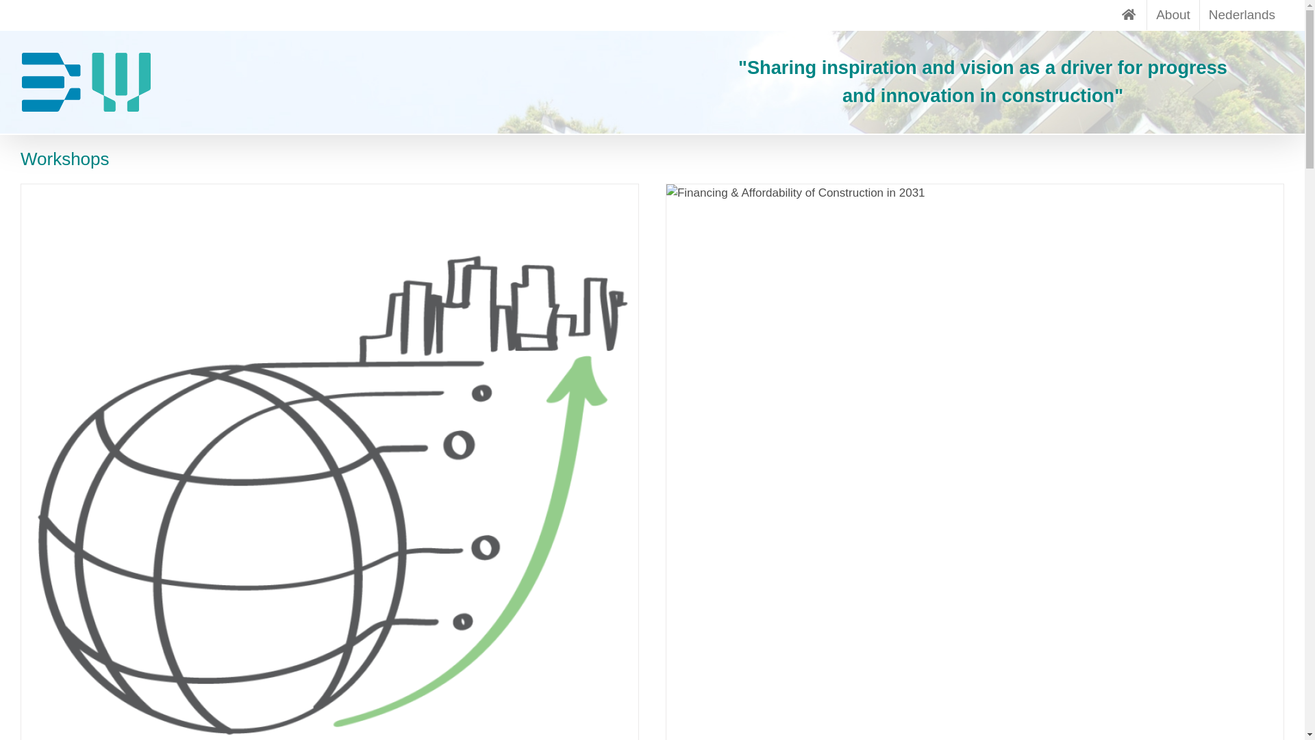 Image resolution: width=1315 pixels, height=740 pixels. What do you see at coordinates (1242, 15) in the screenshot?
I see `'Nederlands'` at bounding box center [1242, 15].